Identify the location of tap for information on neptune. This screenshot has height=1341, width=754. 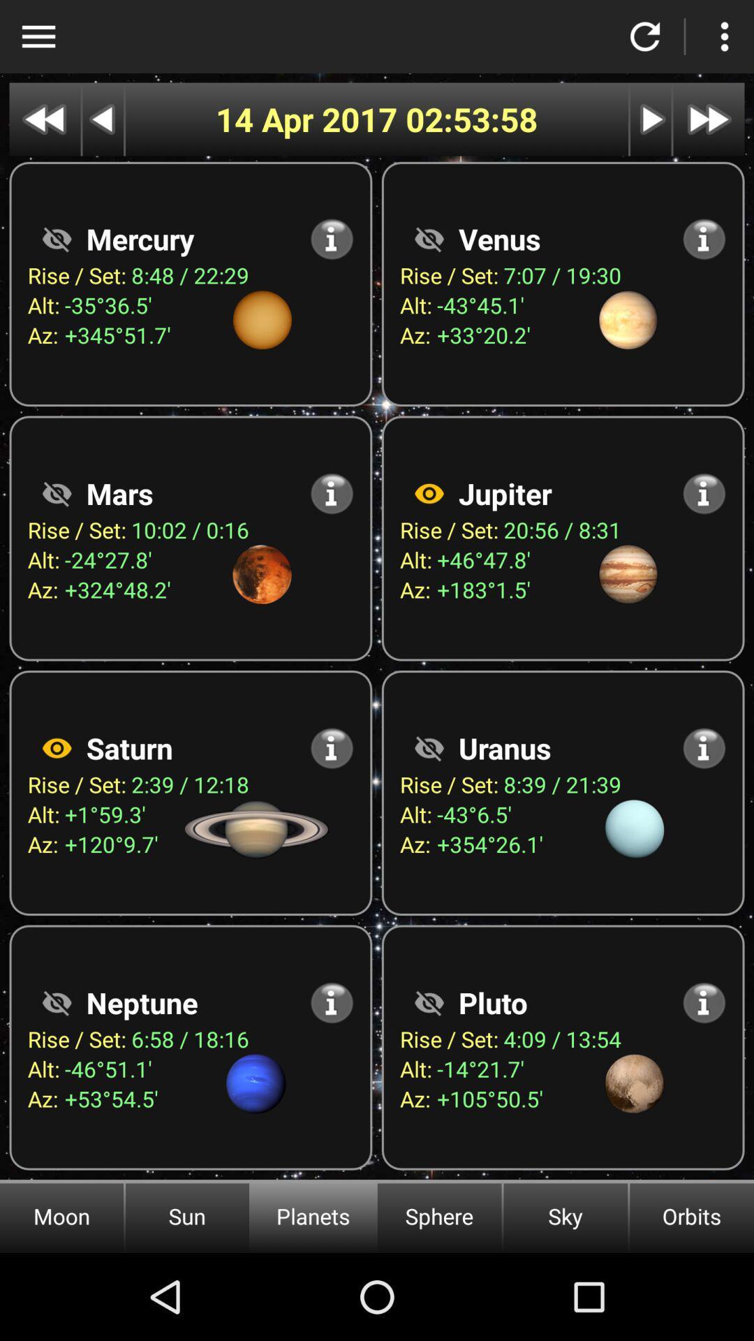
(332, 1002).